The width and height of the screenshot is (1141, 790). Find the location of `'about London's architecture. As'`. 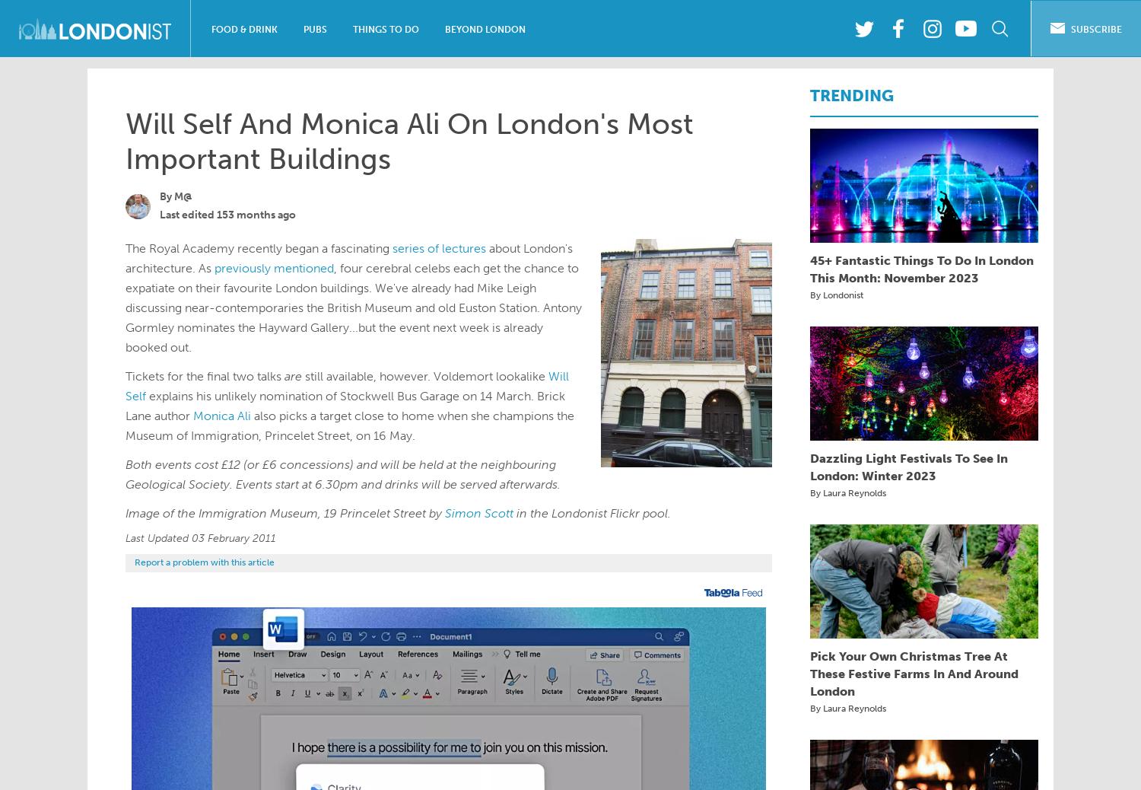

'about London's architecture. As' is located at coordinates (126, 258).